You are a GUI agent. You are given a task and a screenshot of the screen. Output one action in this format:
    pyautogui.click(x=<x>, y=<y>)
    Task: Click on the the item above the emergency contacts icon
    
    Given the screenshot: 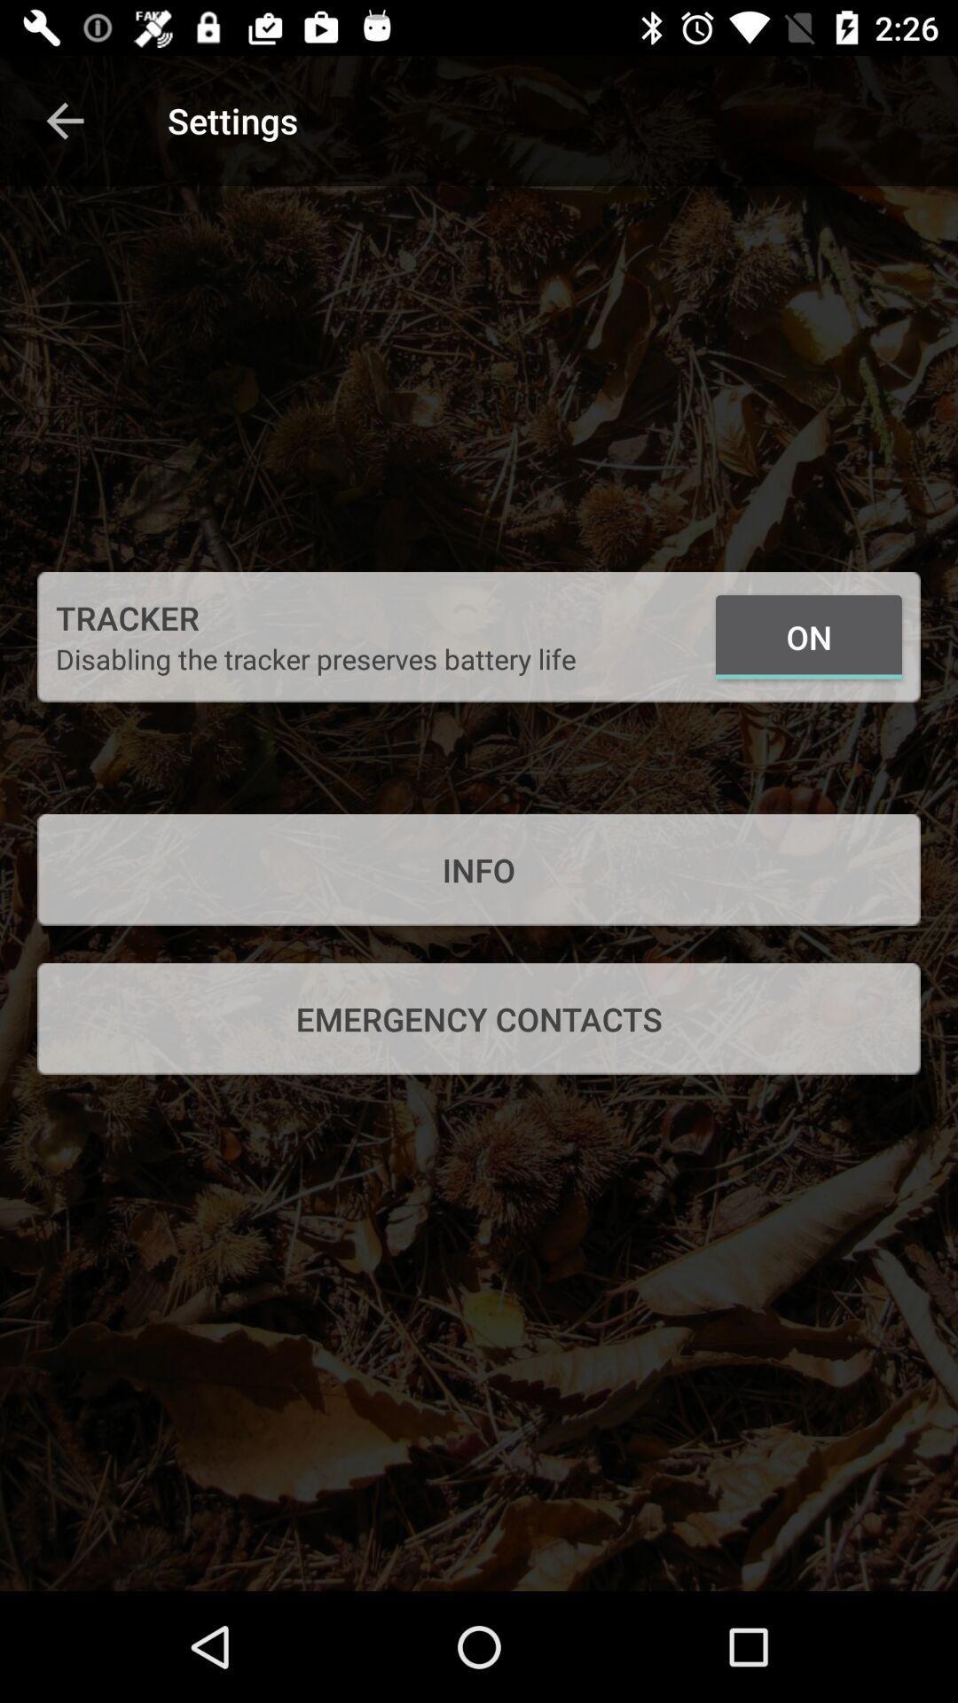 What is the action you would take?
    pyautogui.click(x=479, y=869)
    